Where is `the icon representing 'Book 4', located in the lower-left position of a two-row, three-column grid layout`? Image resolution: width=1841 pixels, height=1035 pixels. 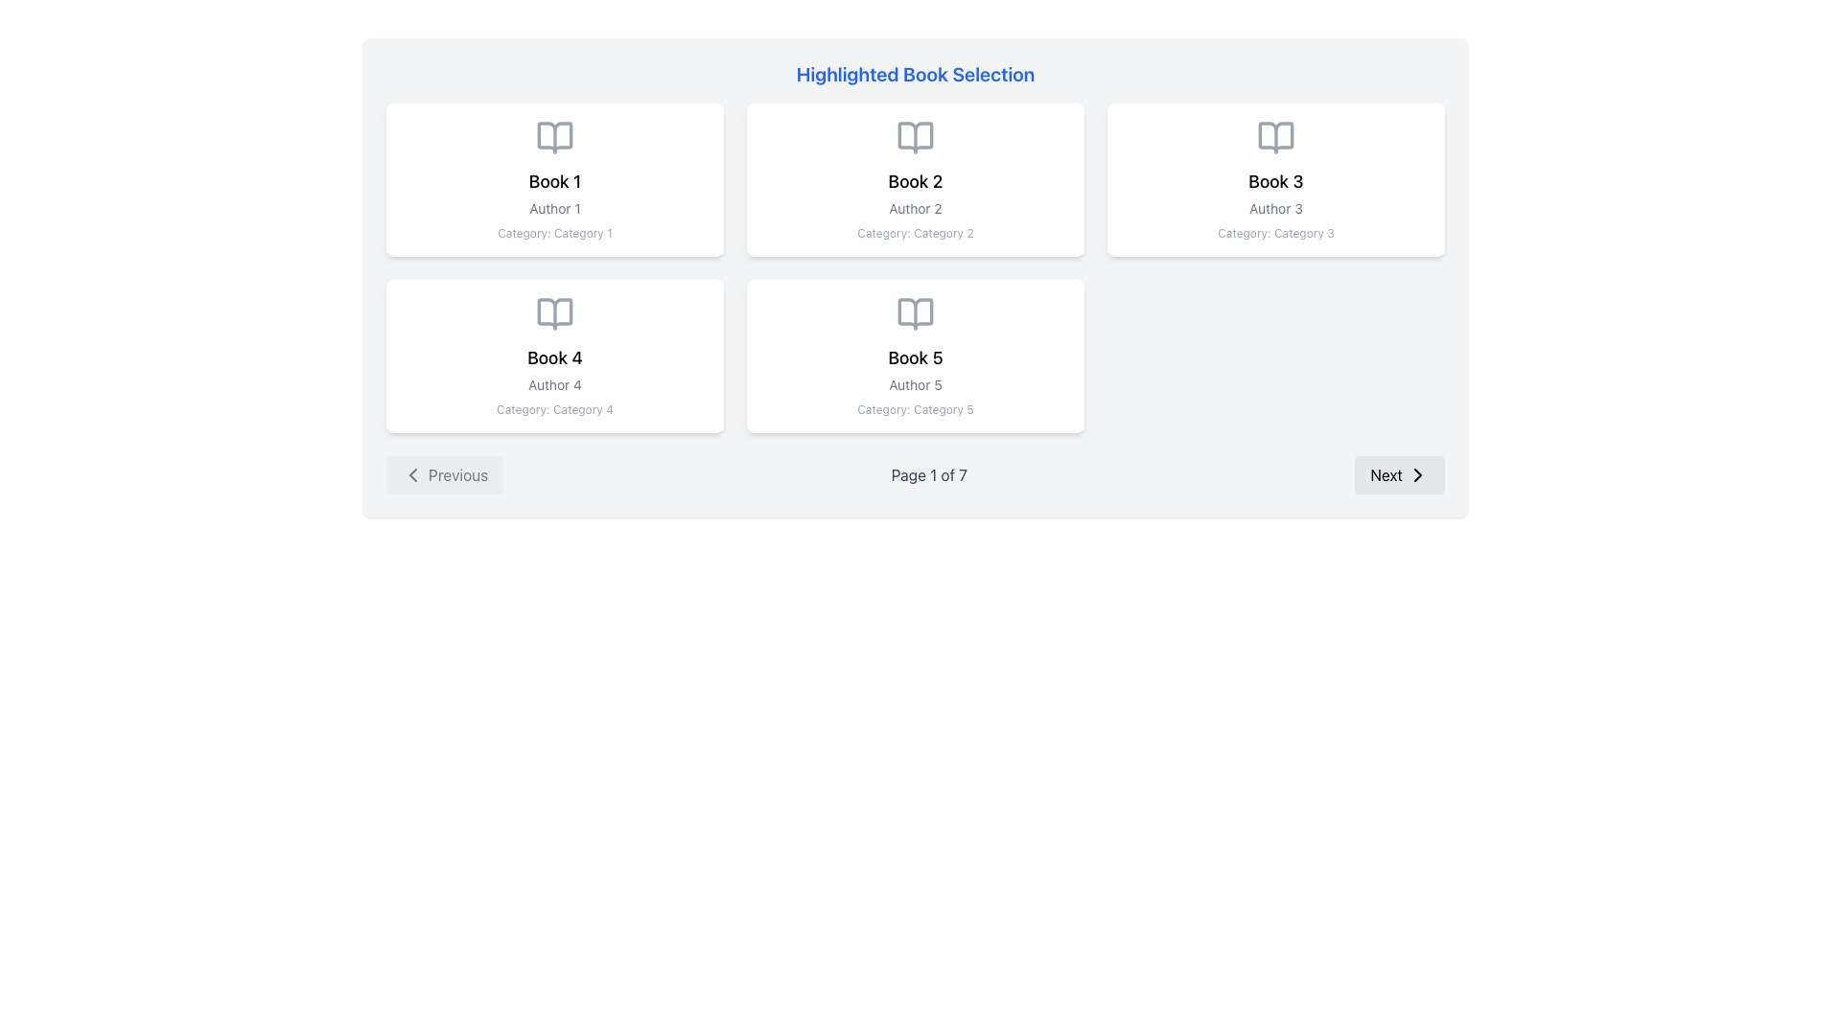
the icon representing 'Book 4', located in the lower-left position of a two-row, three-column grid layout is located at coordinates (554, 312).